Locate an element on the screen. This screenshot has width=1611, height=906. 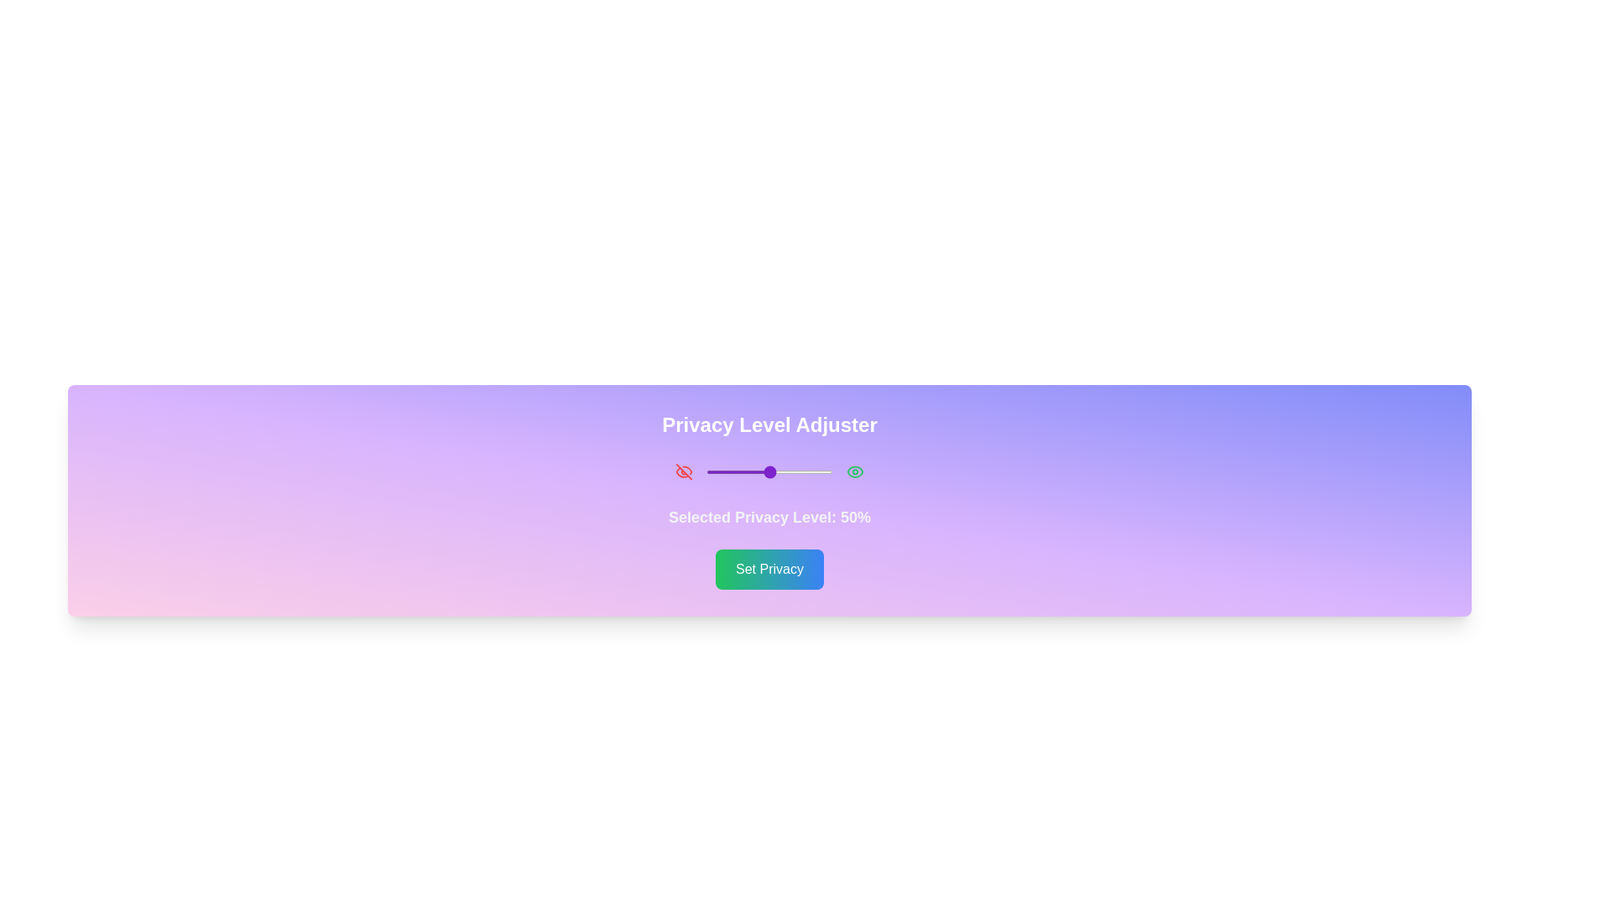
the privacy level slider to 61% is located at coordinates (783, 472).